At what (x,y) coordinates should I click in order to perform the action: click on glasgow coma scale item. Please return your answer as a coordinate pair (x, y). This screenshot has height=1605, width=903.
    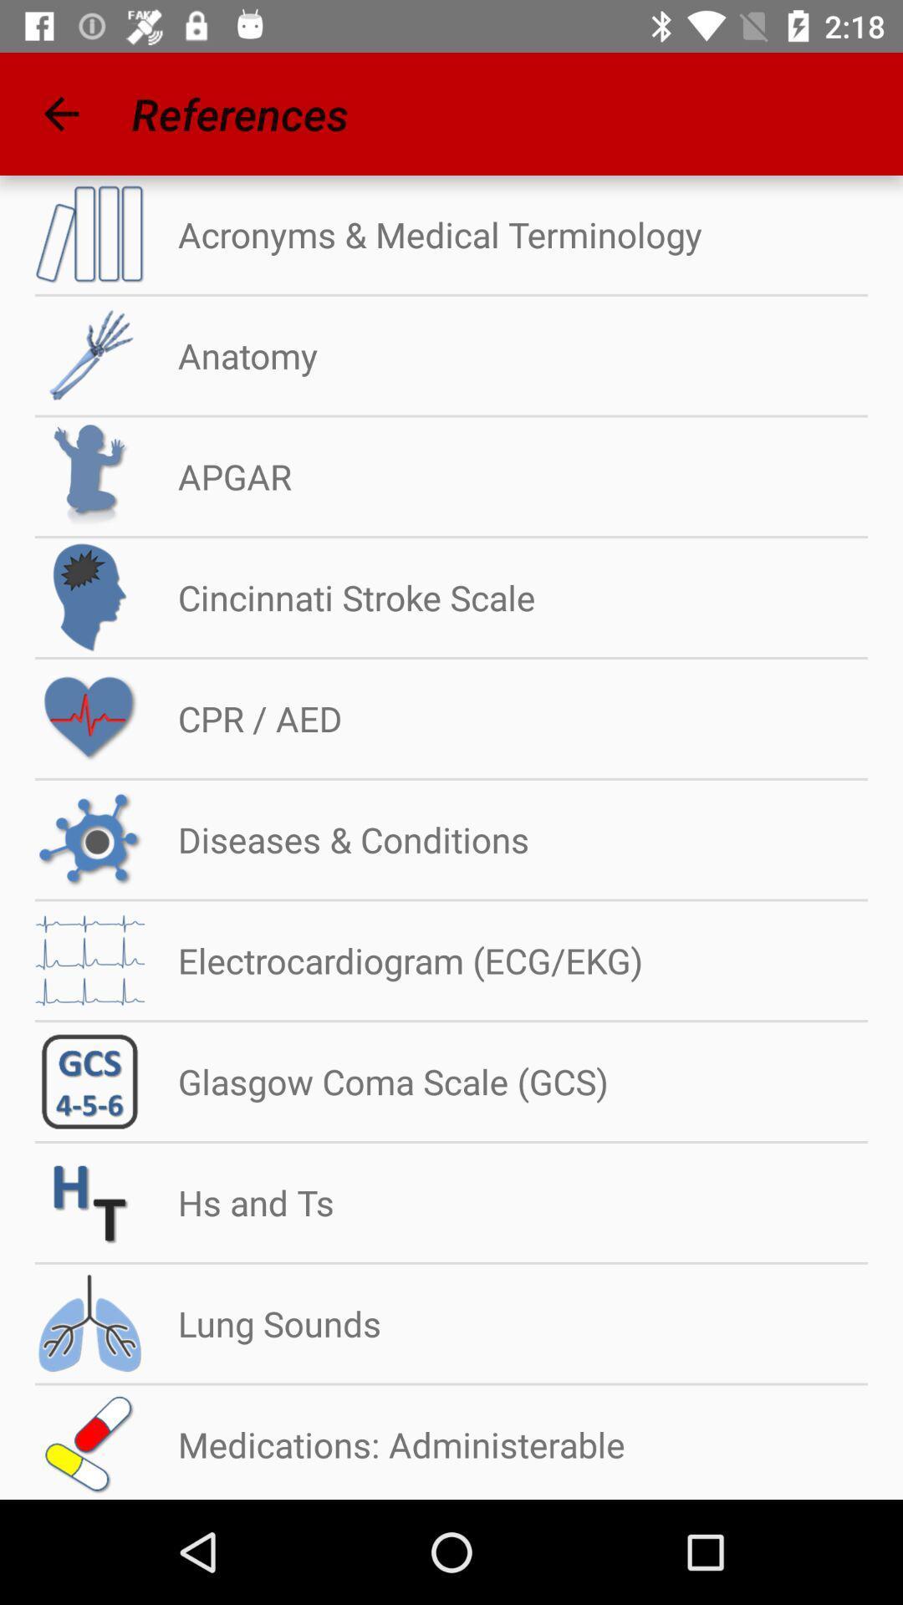
    Looking at the image, I should click on (376, 1082).